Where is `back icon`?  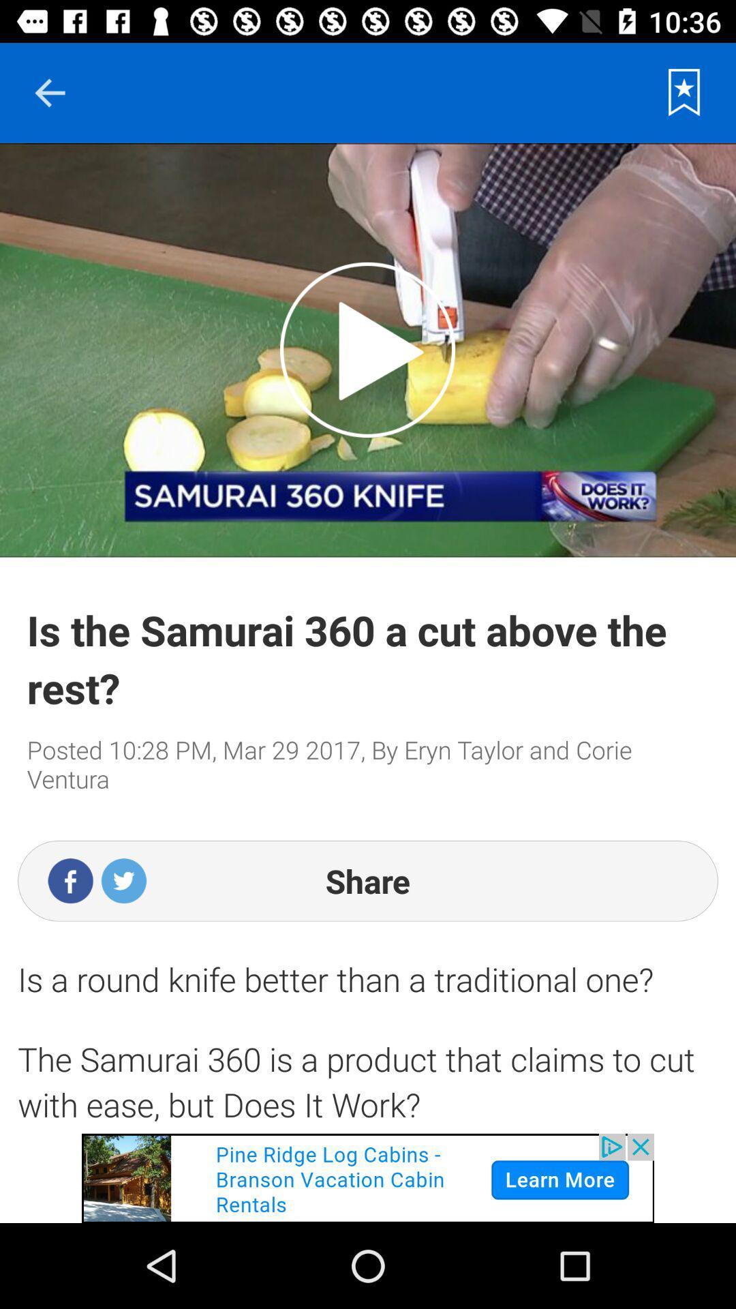 back icon is located at coordinates (49, 92).